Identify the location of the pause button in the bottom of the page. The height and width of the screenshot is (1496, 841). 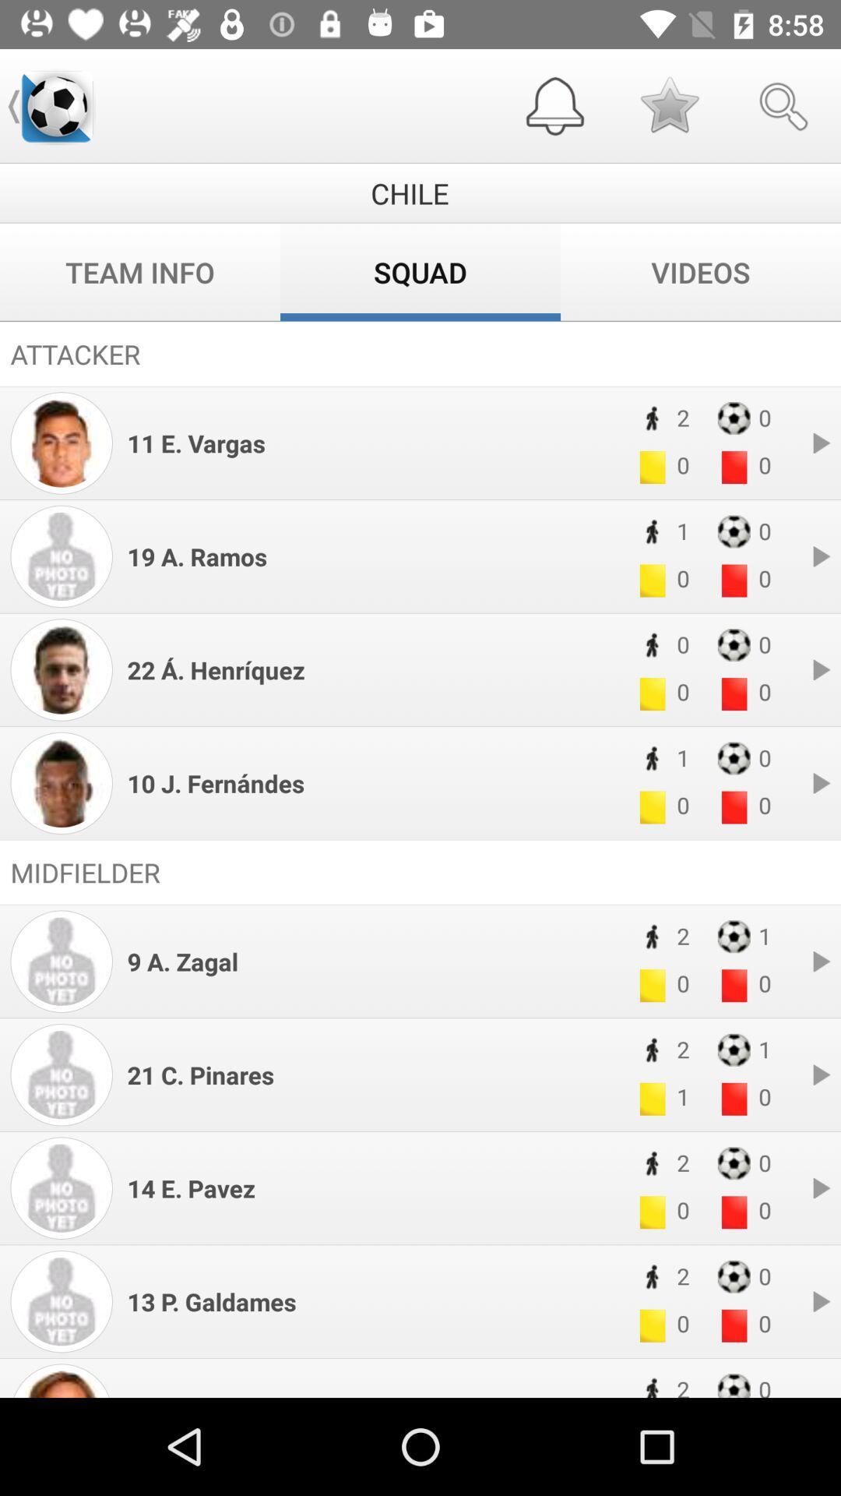
(819, 1301).